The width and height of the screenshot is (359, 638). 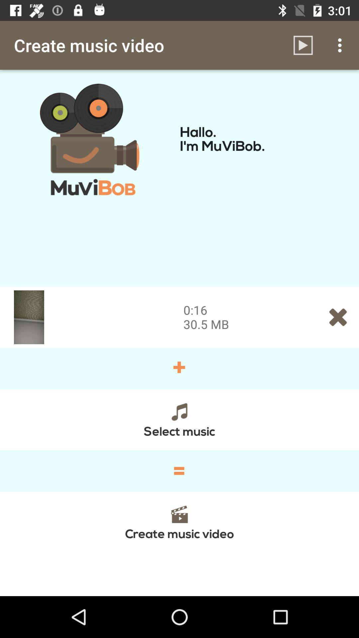 I want to click on icon below the + item, so click(x=179, y=419).